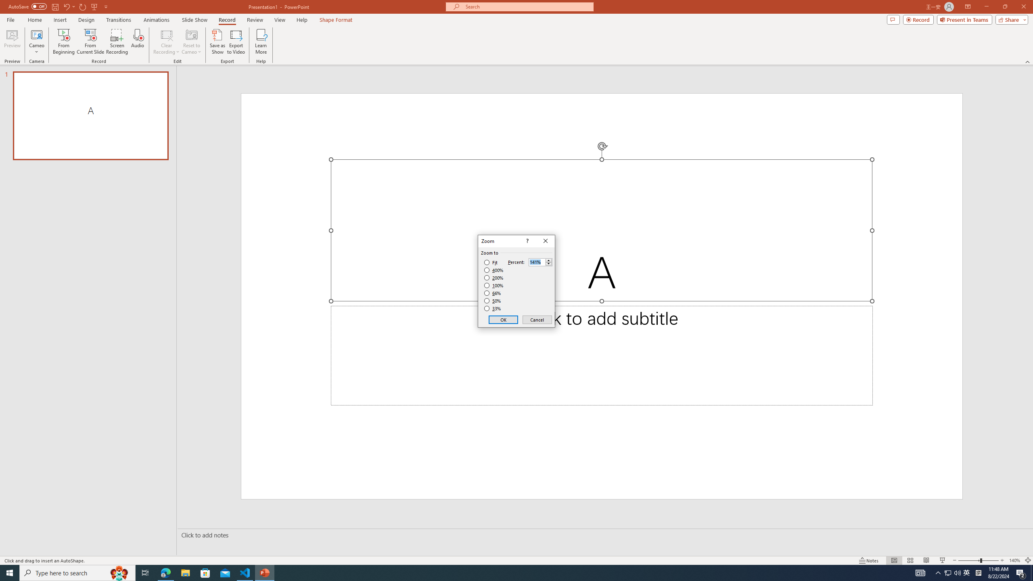 The width and height of the screenshot is (1033, 581). What do you see at coordinates (493, 278) in the screenshot?
I see `'200%'` at bounding box center [493, 278].